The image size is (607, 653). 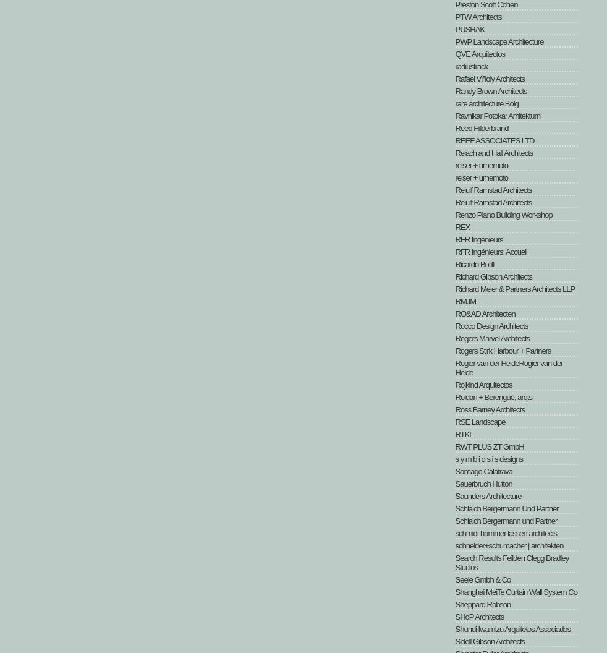 I want to click on 'RMJM', so click(x=465, y=301).